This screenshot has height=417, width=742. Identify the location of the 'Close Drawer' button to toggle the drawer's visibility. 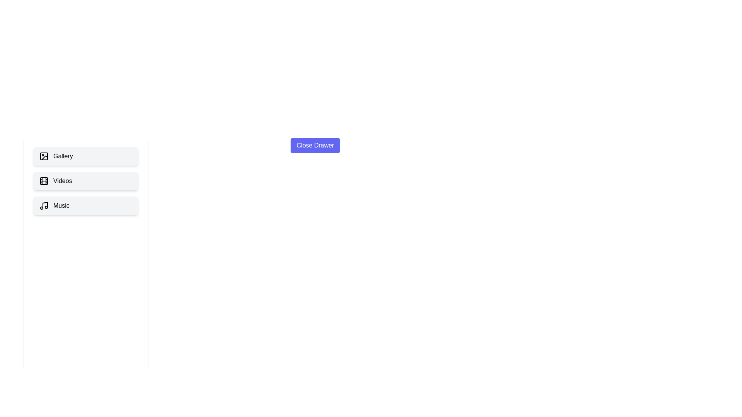
(315, 146).